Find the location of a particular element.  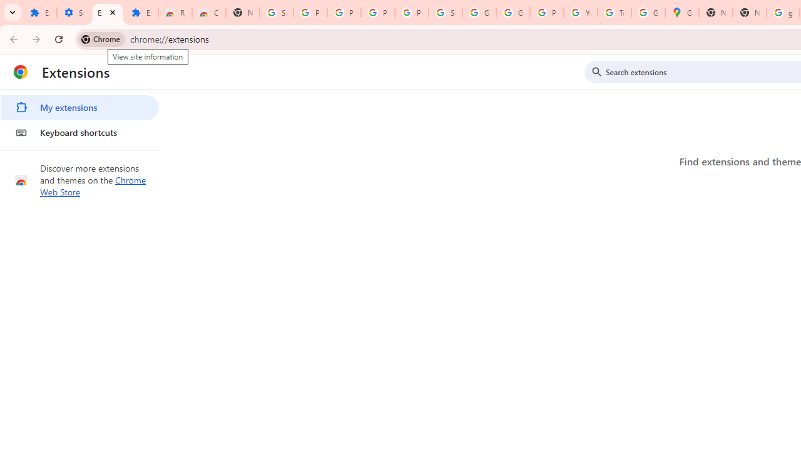

'Chrome Web Store - Themes' is located at coordinates (209, 13).